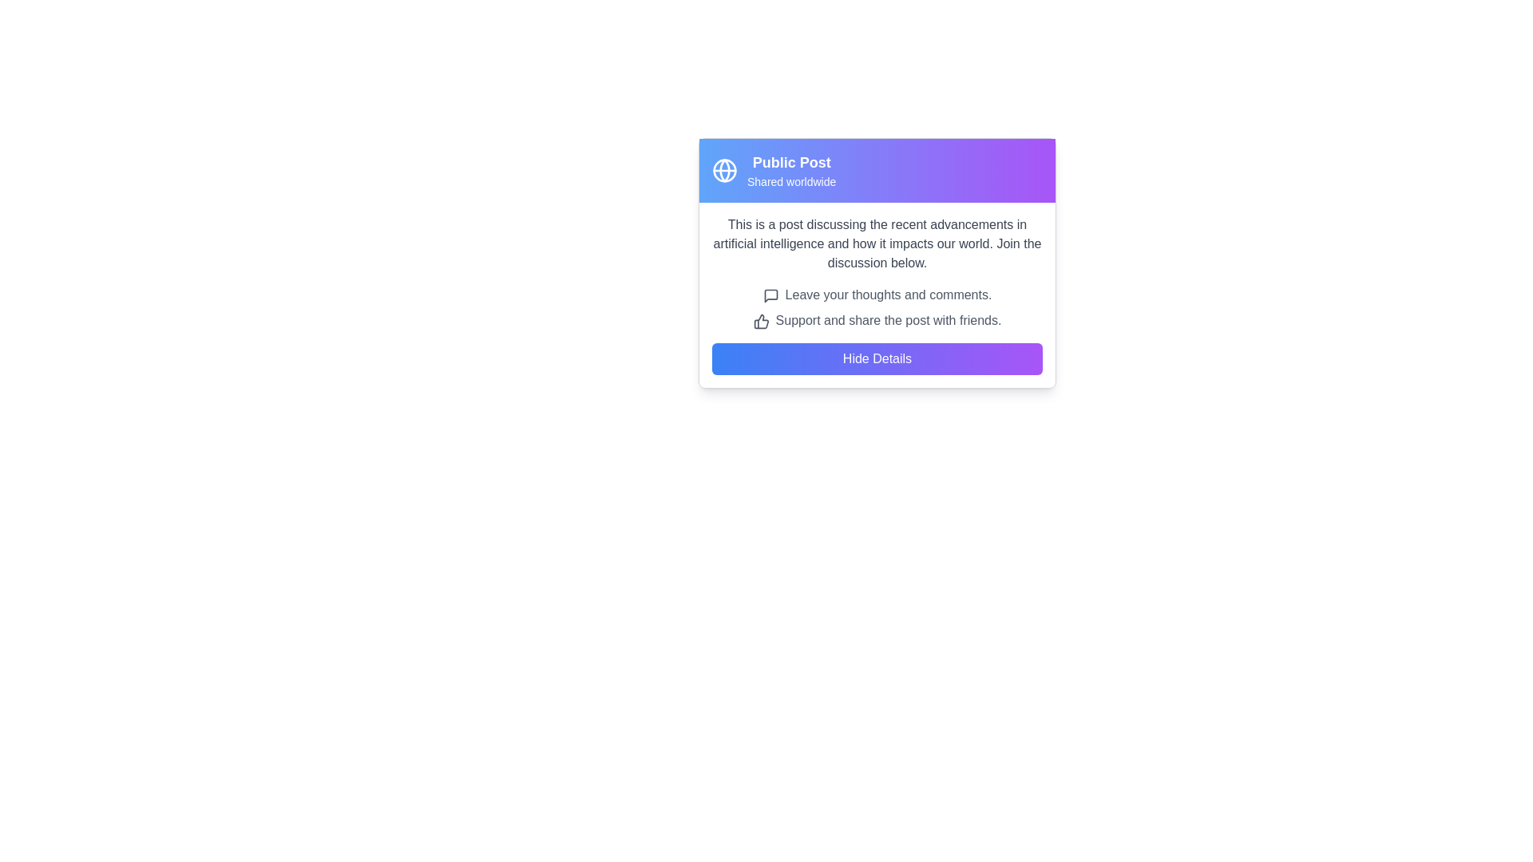  What do you see at coordinates (877, 295) in the screenshot?
I see `the surrounding area of the Text Label with Icon that invites users to leave comments or share their thoughts, located above the text 'Support and share the post with friends.'` at bounding box center [877, 295].